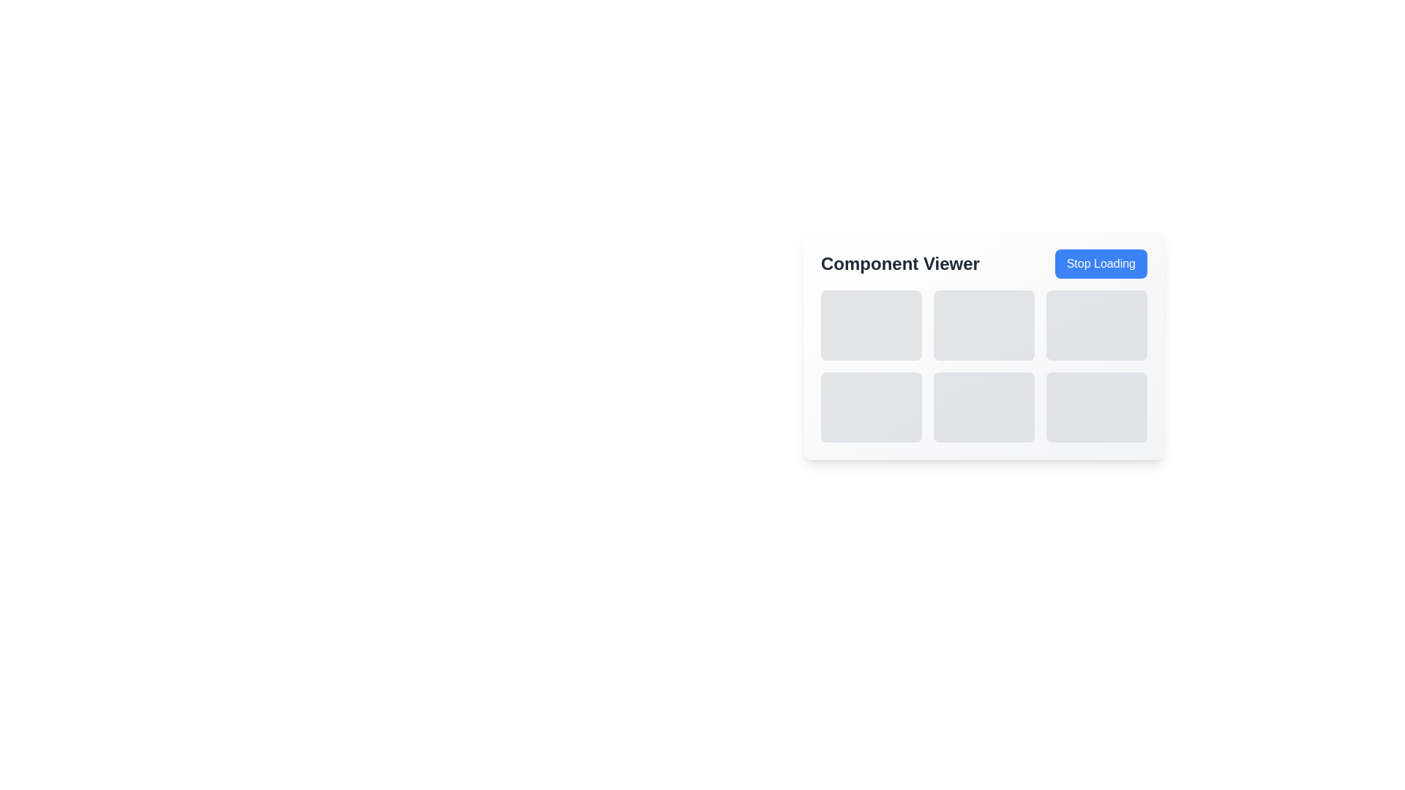 The image size is (1405, 790). Describe the element at coordinates (871, 407) in the screenshot. I see `the static block or placeholder element, which is the first item in the second row of a 3-column grid layout, located directly below the leftmost element of the first row` at that location.